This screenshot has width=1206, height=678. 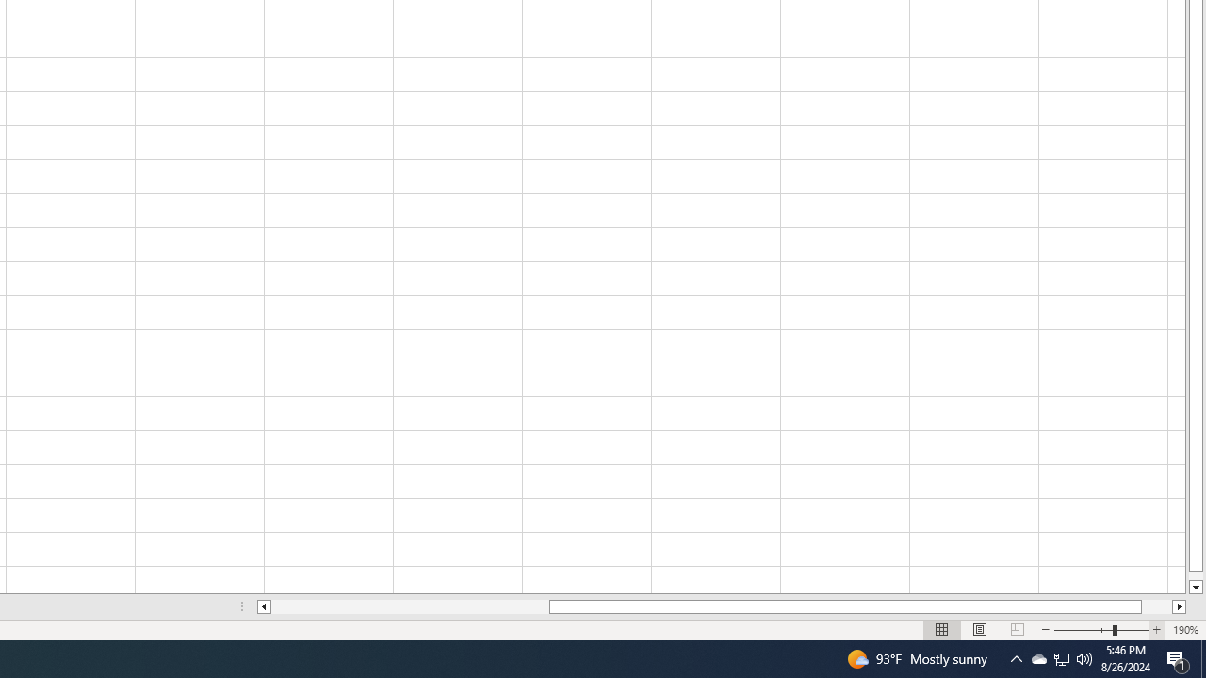 What do you see at coordinates (409, 606) in the screenshot?
I see `'Page left'` at bounding box center [409, 606].